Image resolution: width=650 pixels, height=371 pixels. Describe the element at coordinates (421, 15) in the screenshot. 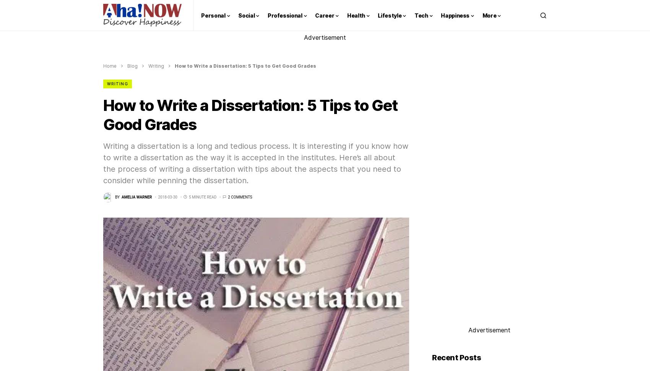

I see `'Tech'` at that location.